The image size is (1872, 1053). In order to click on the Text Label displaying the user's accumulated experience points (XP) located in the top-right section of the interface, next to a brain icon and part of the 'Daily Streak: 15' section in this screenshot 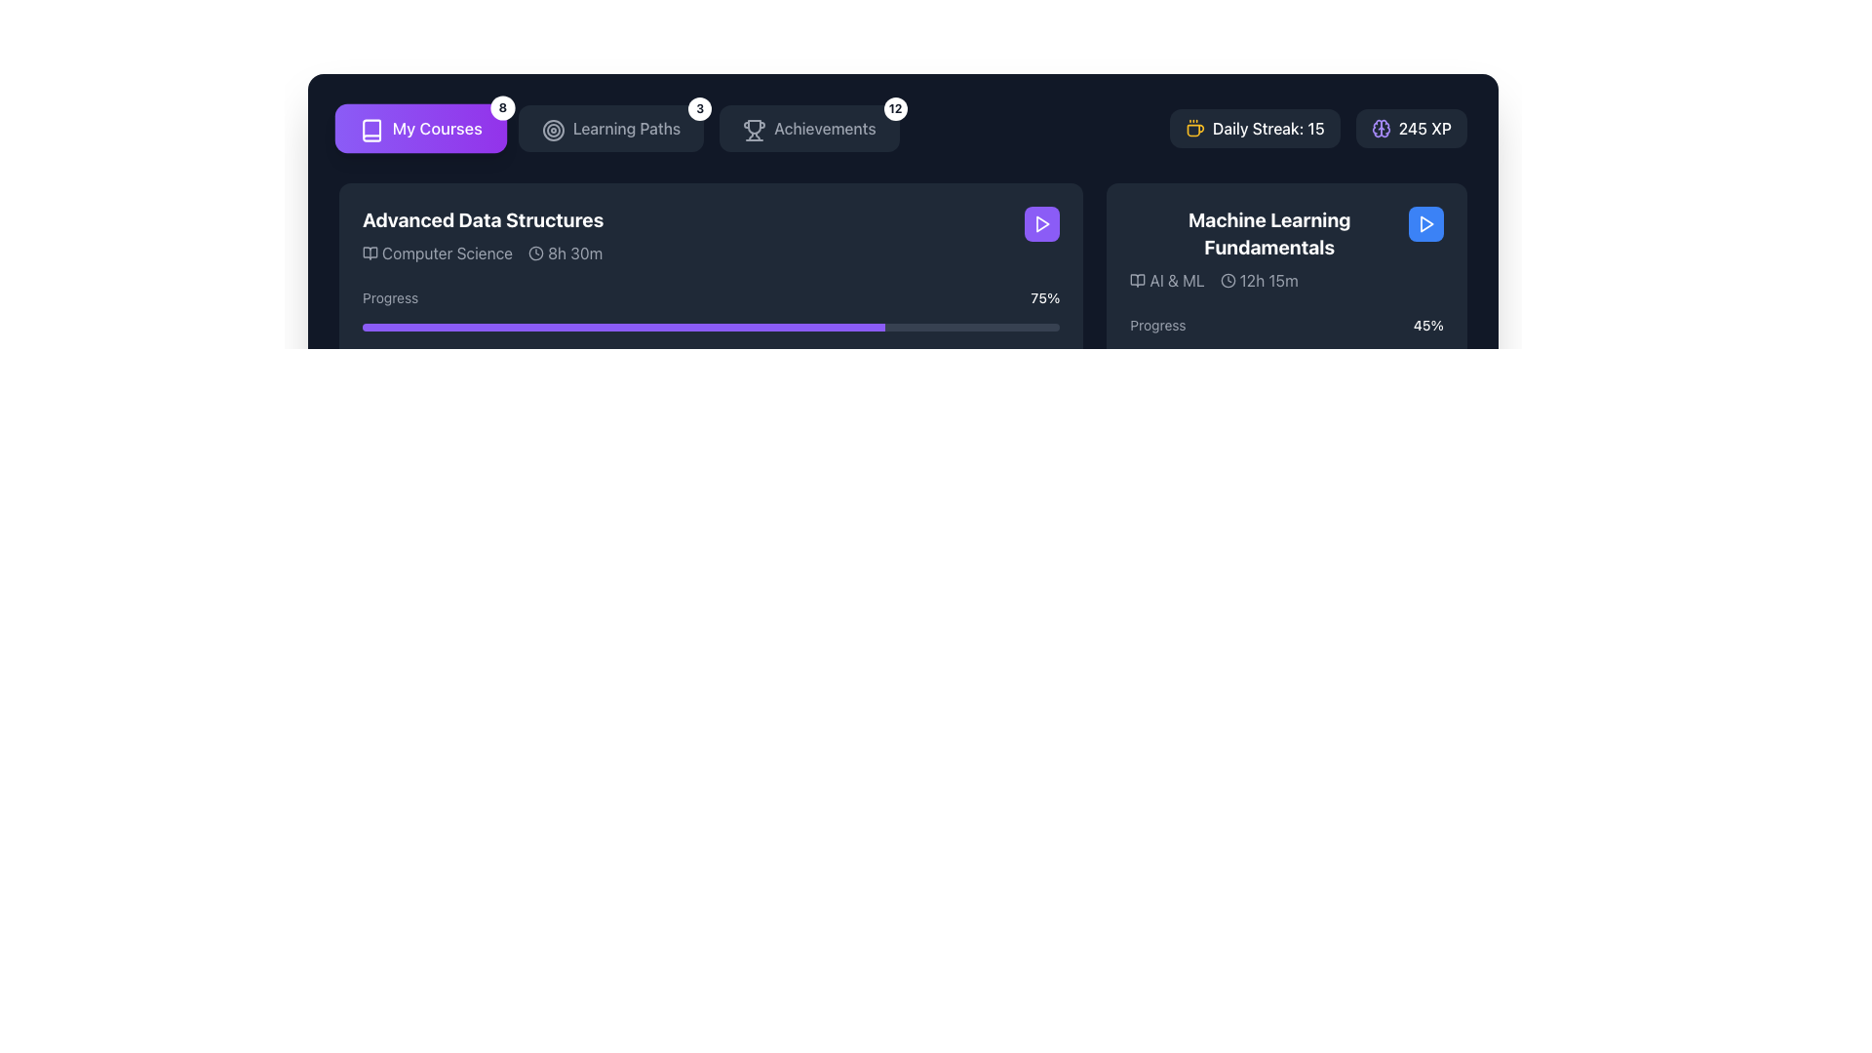, I will do `click(1424, 128)`.